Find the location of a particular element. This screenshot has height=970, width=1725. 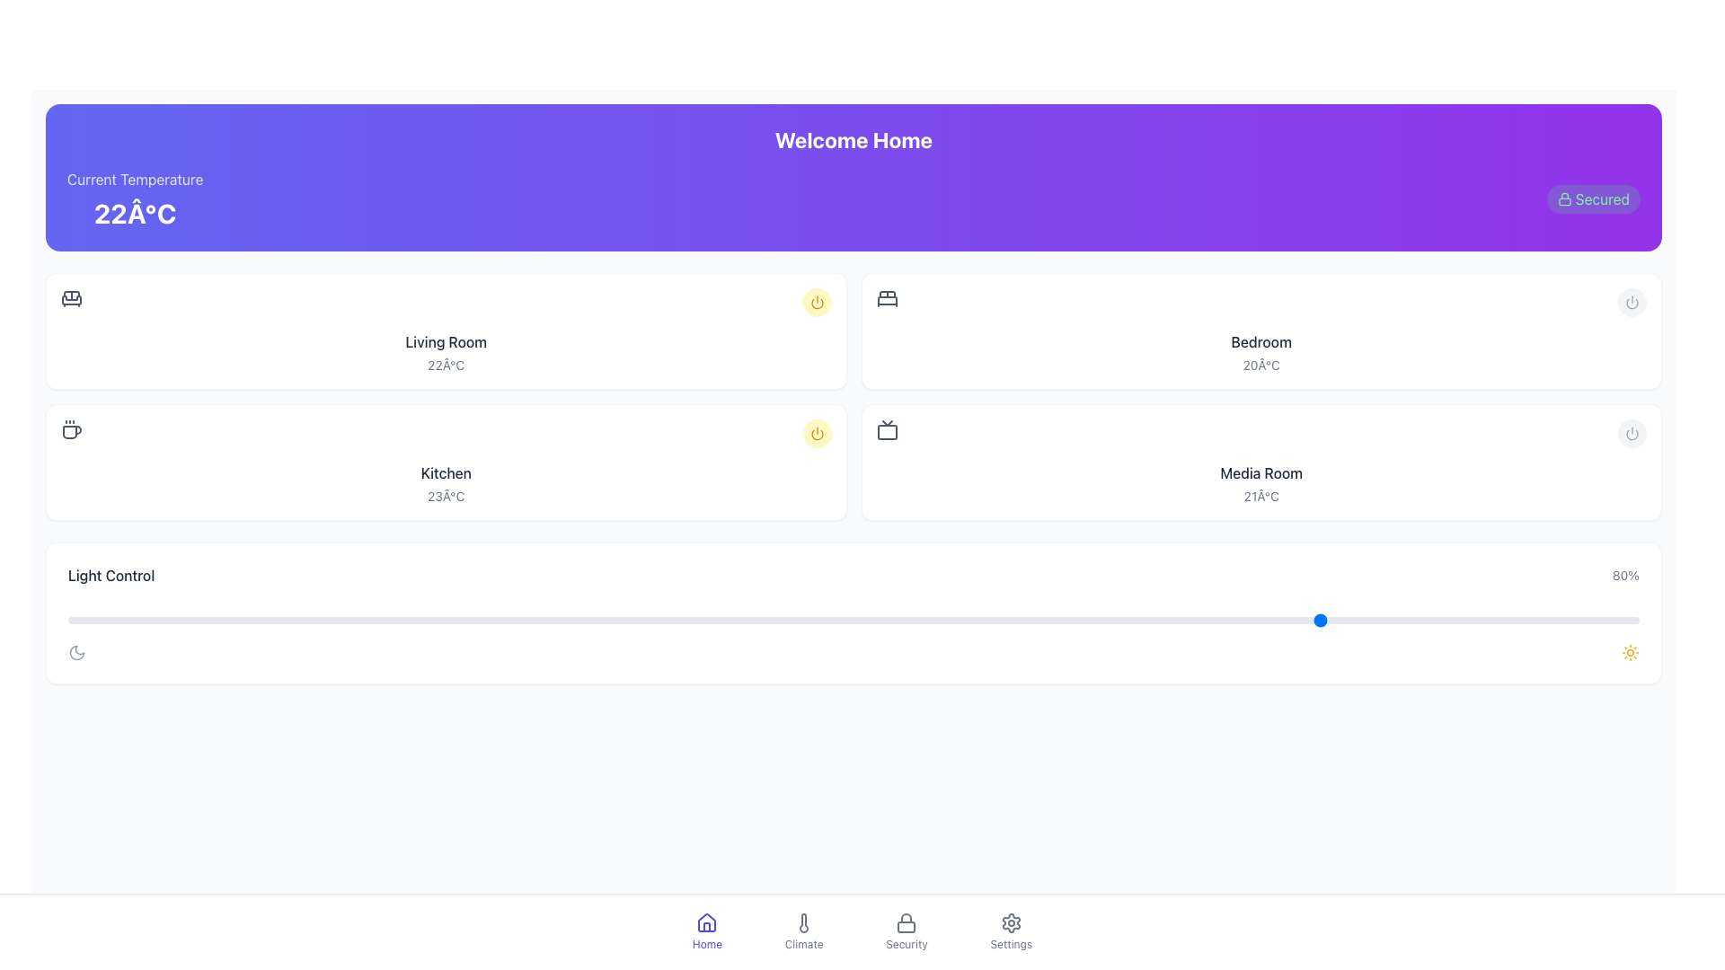

the 'Kitchen' static text label, which serves as the section identifier above the temperature display is located at coordinates (446, 472).